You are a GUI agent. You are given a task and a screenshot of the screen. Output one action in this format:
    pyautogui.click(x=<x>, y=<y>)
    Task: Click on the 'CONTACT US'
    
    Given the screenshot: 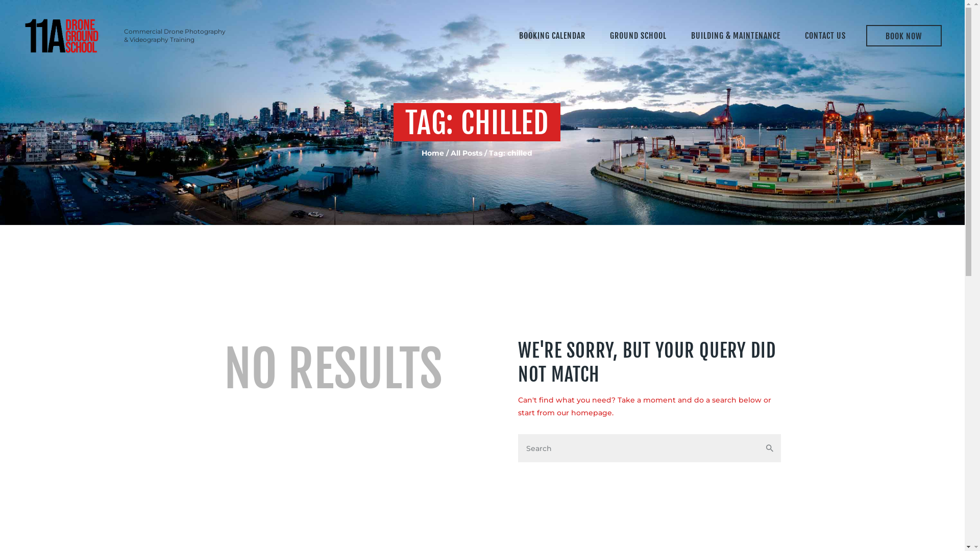 What is the action you would take?
    pyautogui.click(x=825, y=35)
    